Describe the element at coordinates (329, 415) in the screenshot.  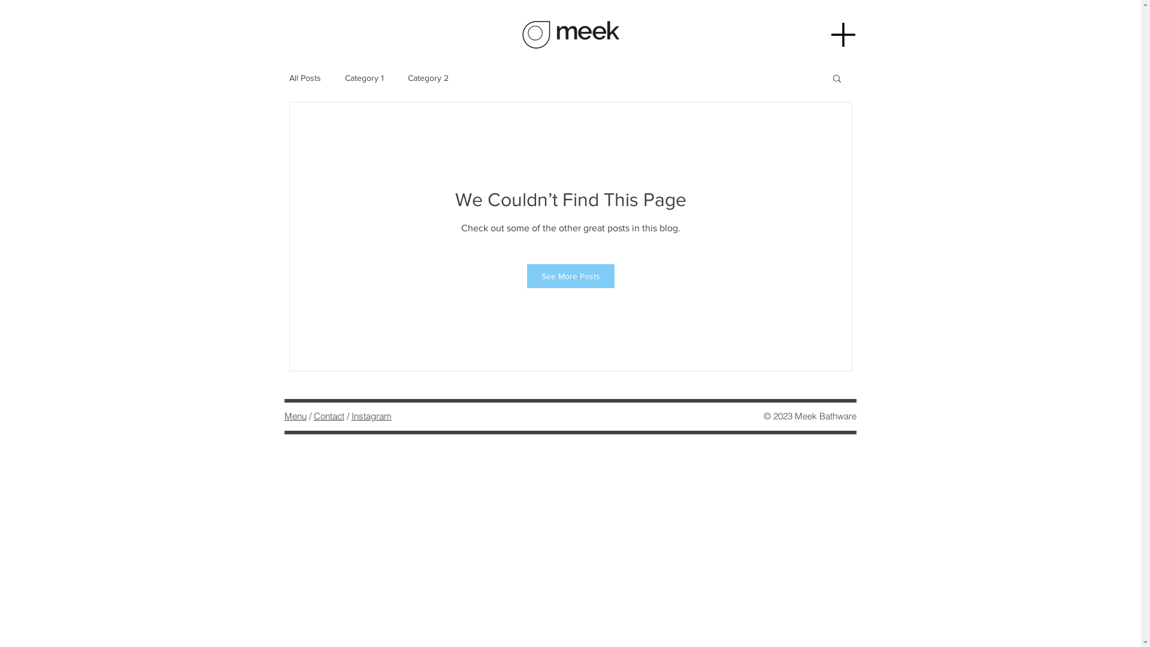
I see `'Contact'` at that location.